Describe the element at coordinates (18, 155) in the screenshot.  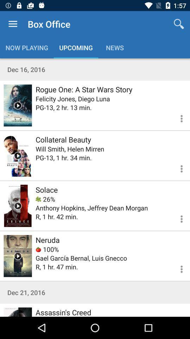
I see `he can activate the simple voice command` at that location.